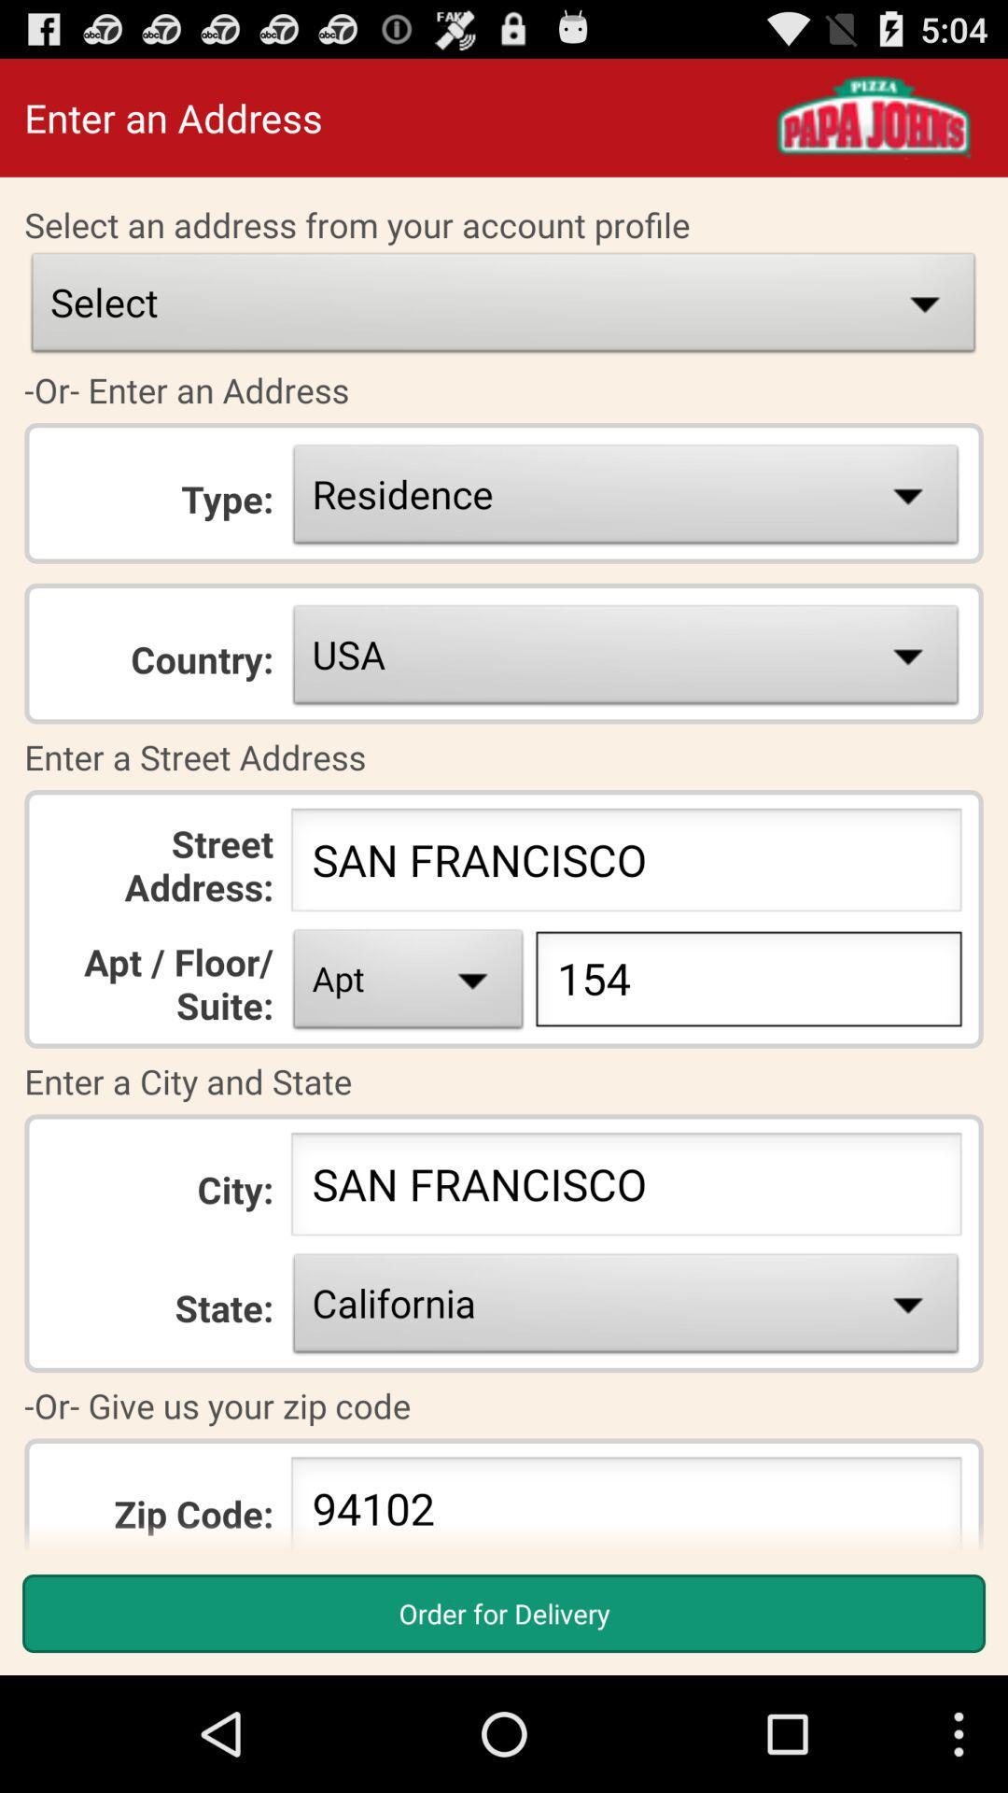  Describe the element at coordinates (504, 1613) in the screenshot. I see `order for delivery` at that location.